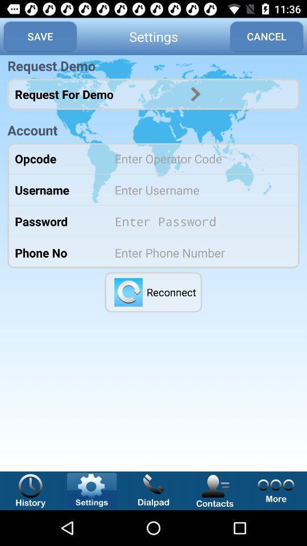 The height and width of the screenshot is (546, 307). What do you see at coordinates (199, 190) in the screenshot?
I see `text box` at bounding box center [199, 190].